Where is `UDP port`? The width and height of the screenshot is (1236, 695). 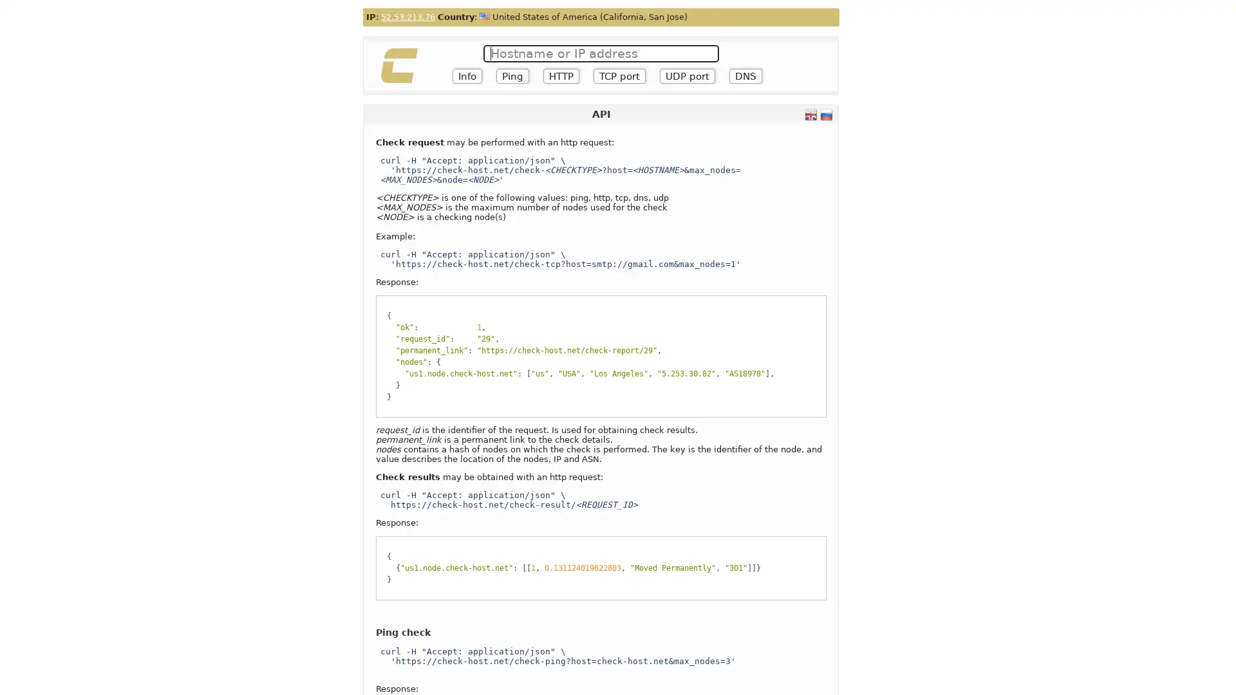
UDP port is located at coordinates (686, 76).